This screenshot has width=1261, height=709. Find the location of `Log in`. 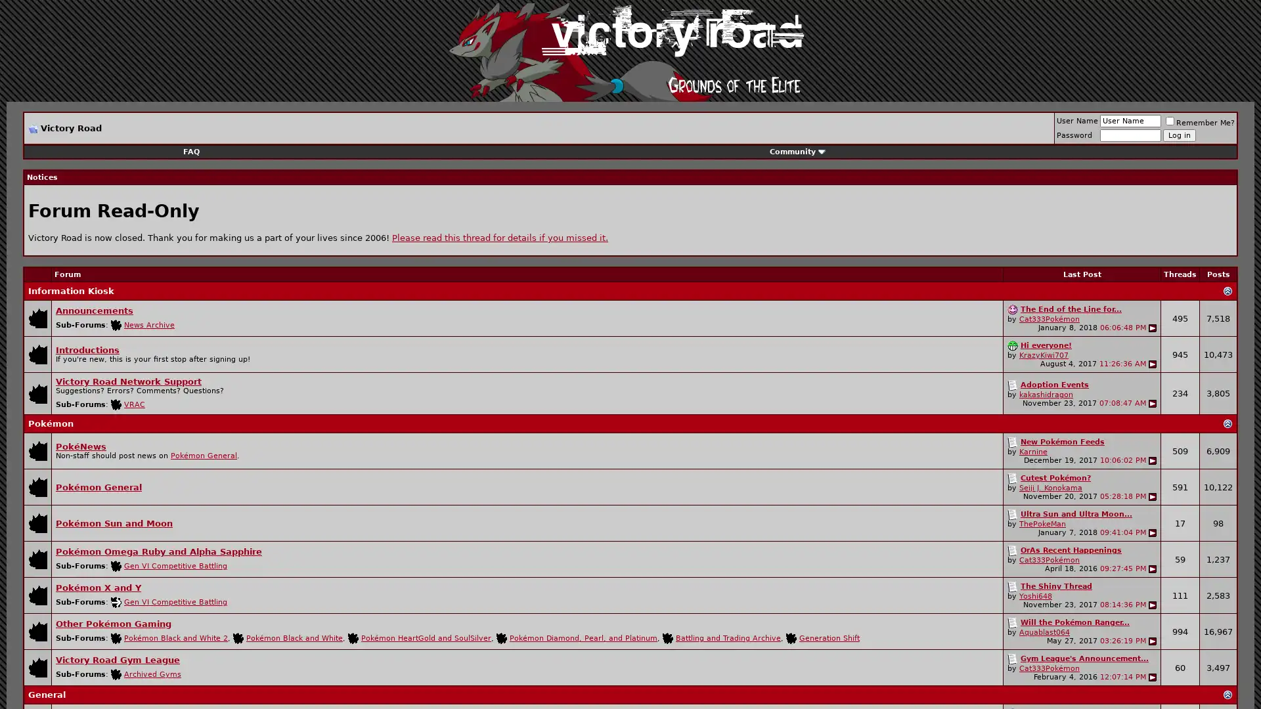

Log in is located at coordinates (1179, 135).